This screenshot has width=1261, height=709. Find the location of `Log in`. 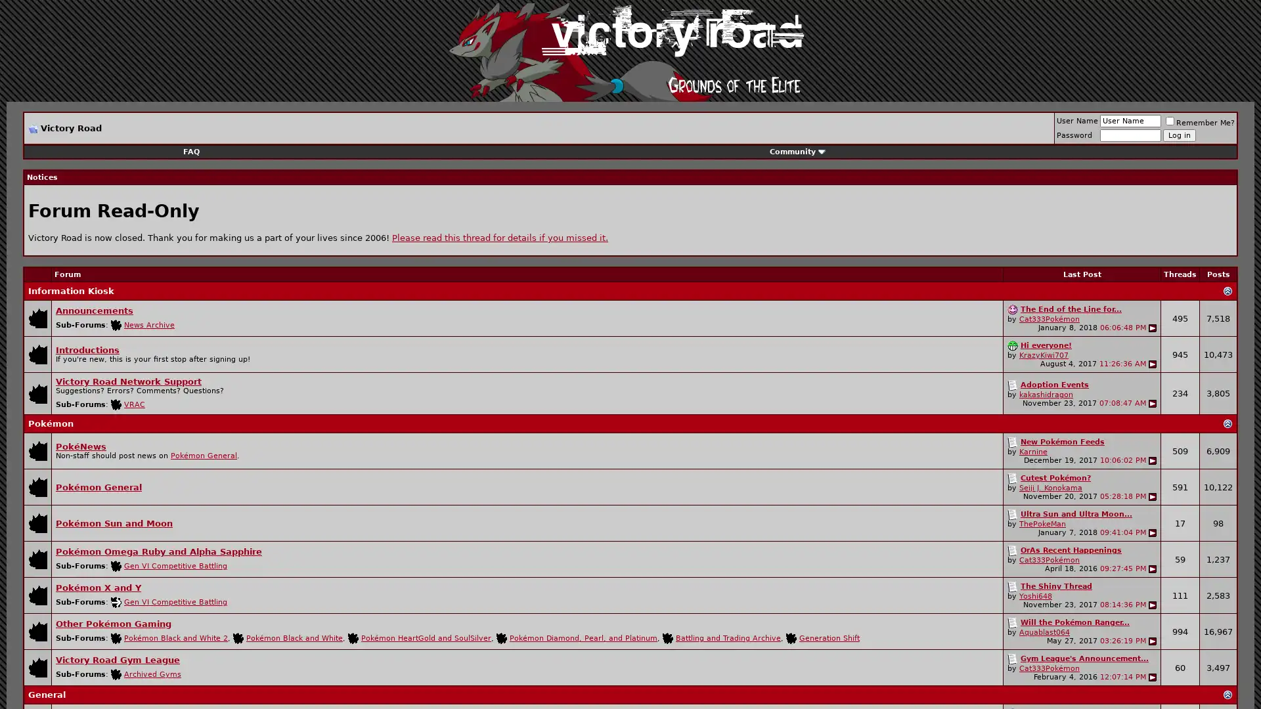

Log in is located at coordinates (1179, 135).